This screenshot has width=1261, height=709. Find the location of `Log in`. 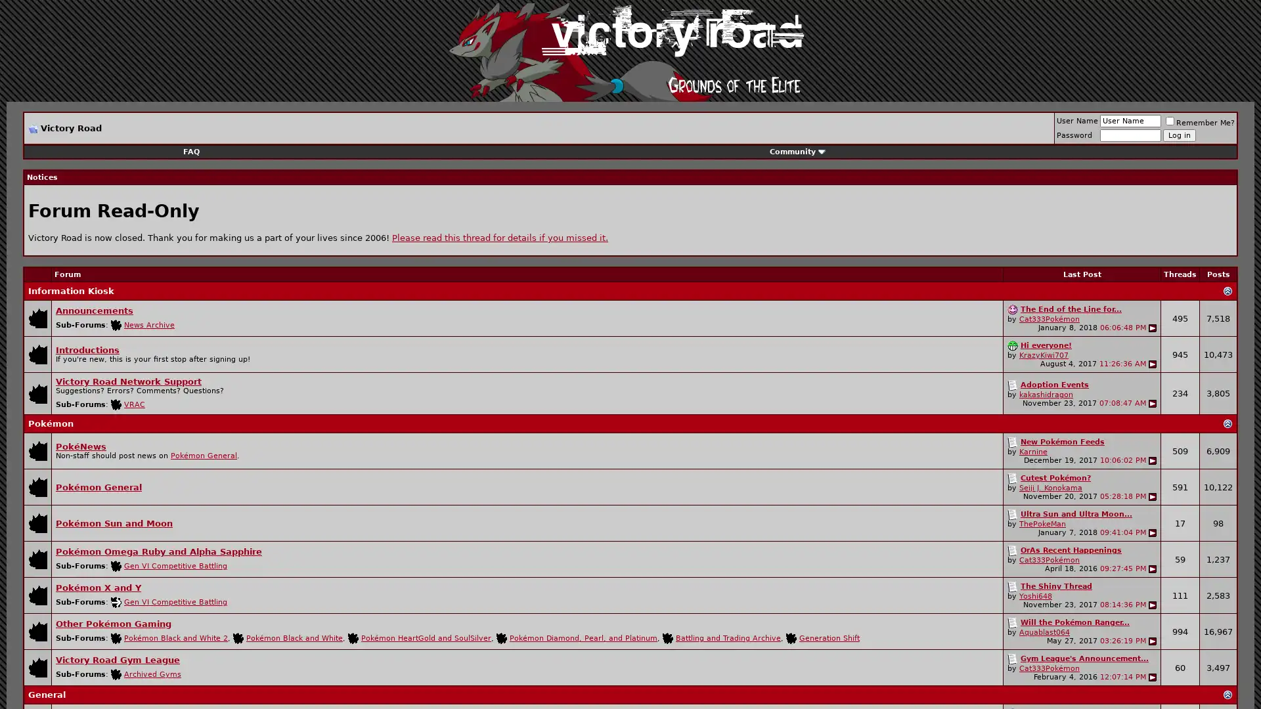

Log in is located at coordinates (1179, 135).